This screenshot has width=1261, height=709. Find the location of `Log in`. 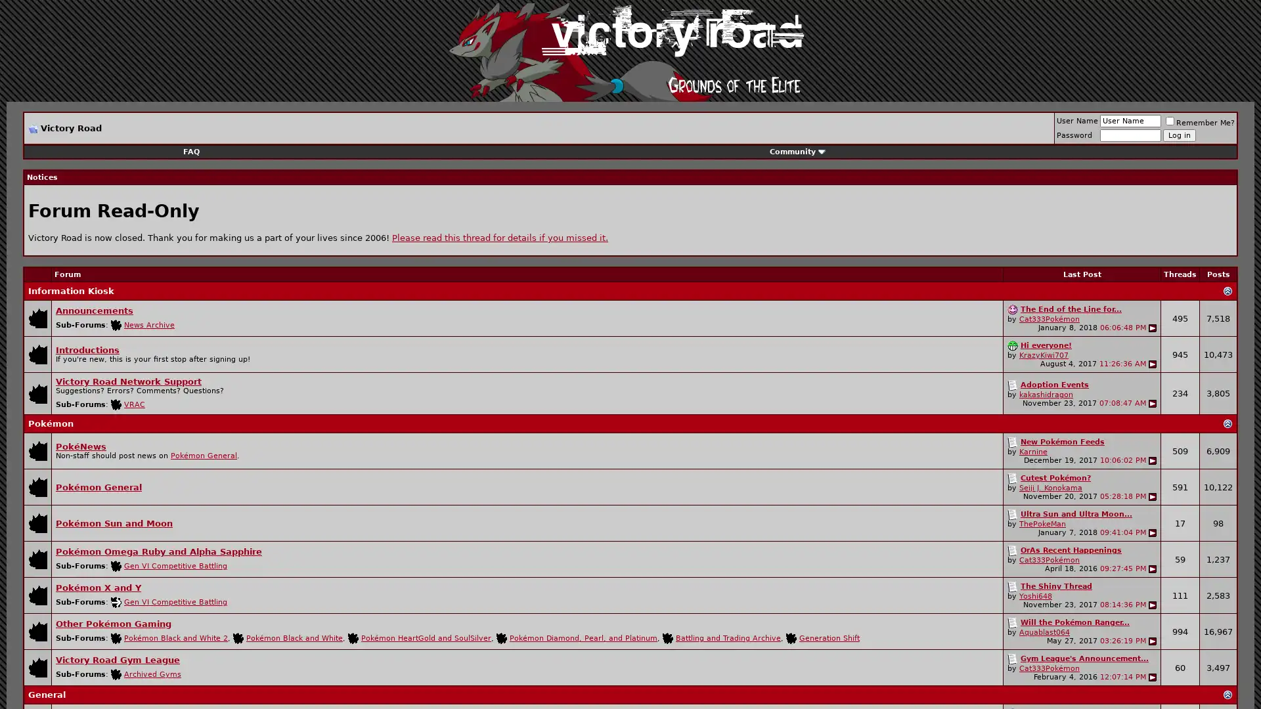

Log in is located at coordinates (1179, 135).